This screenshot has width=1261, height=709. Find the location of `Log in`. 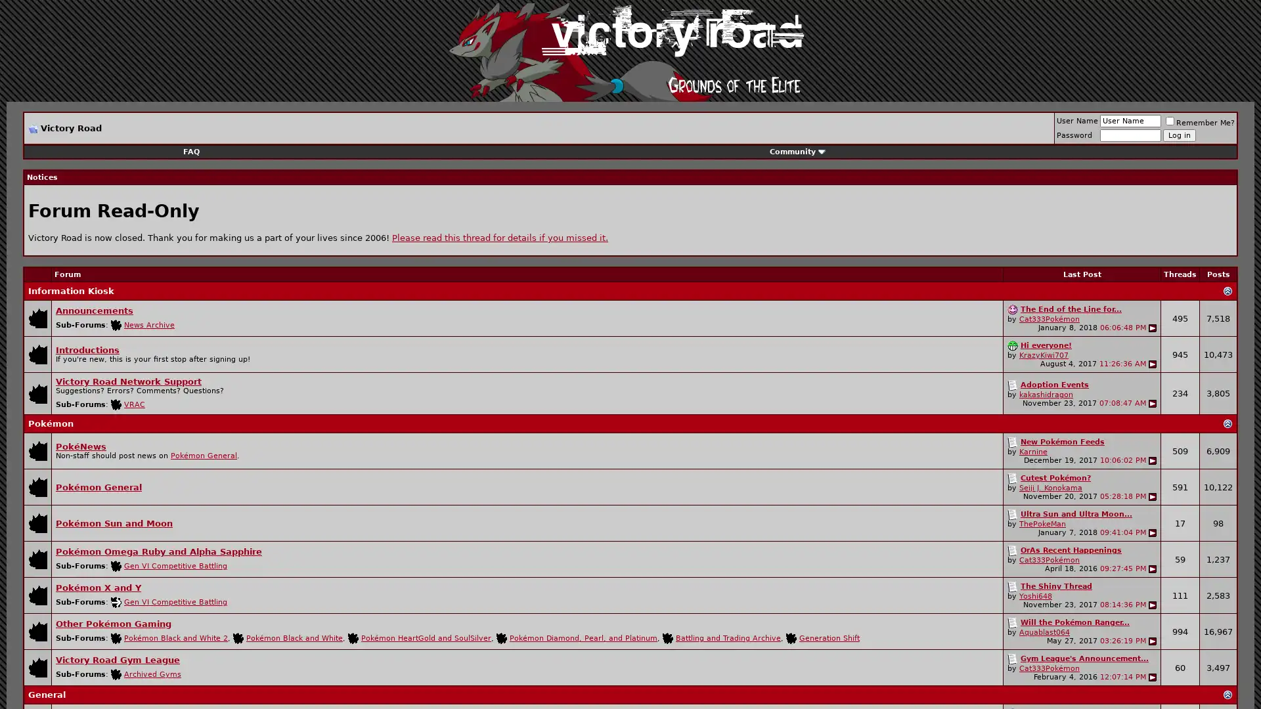

Log in is located at coordinates (1179, 135).